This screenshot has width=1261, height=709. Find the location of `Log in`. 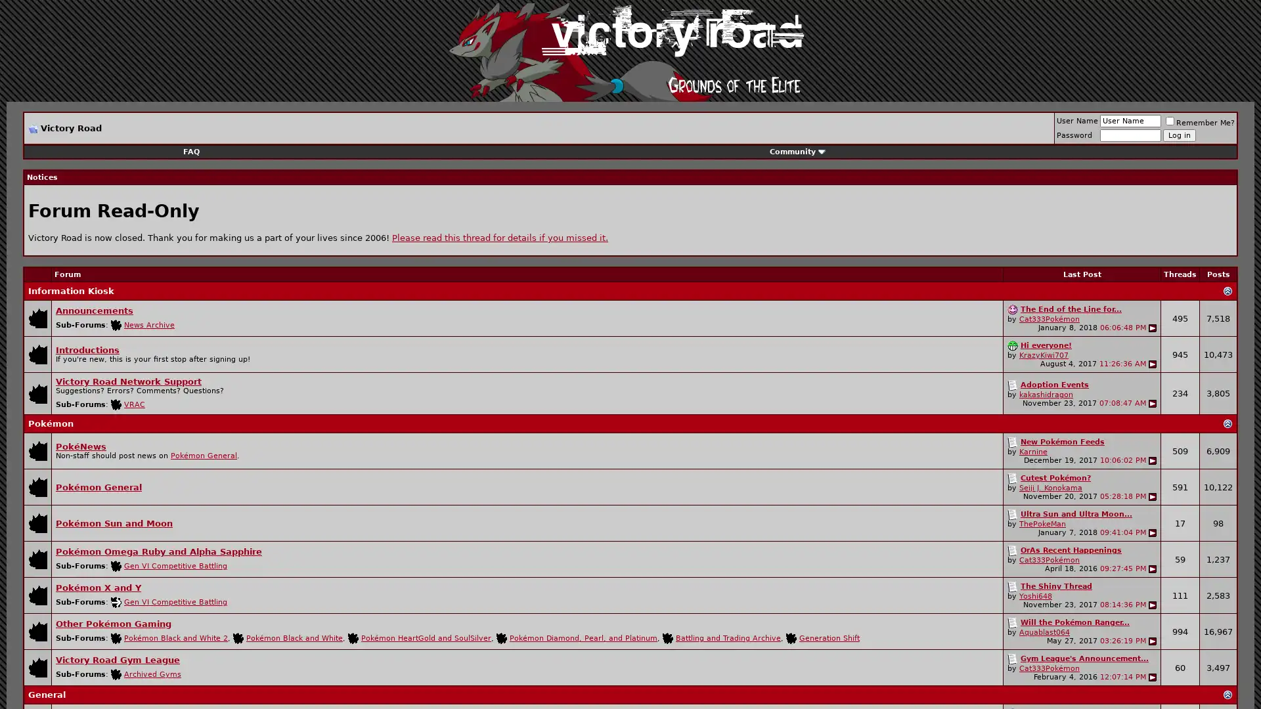

Log in is located at coordinates (1179, 135).